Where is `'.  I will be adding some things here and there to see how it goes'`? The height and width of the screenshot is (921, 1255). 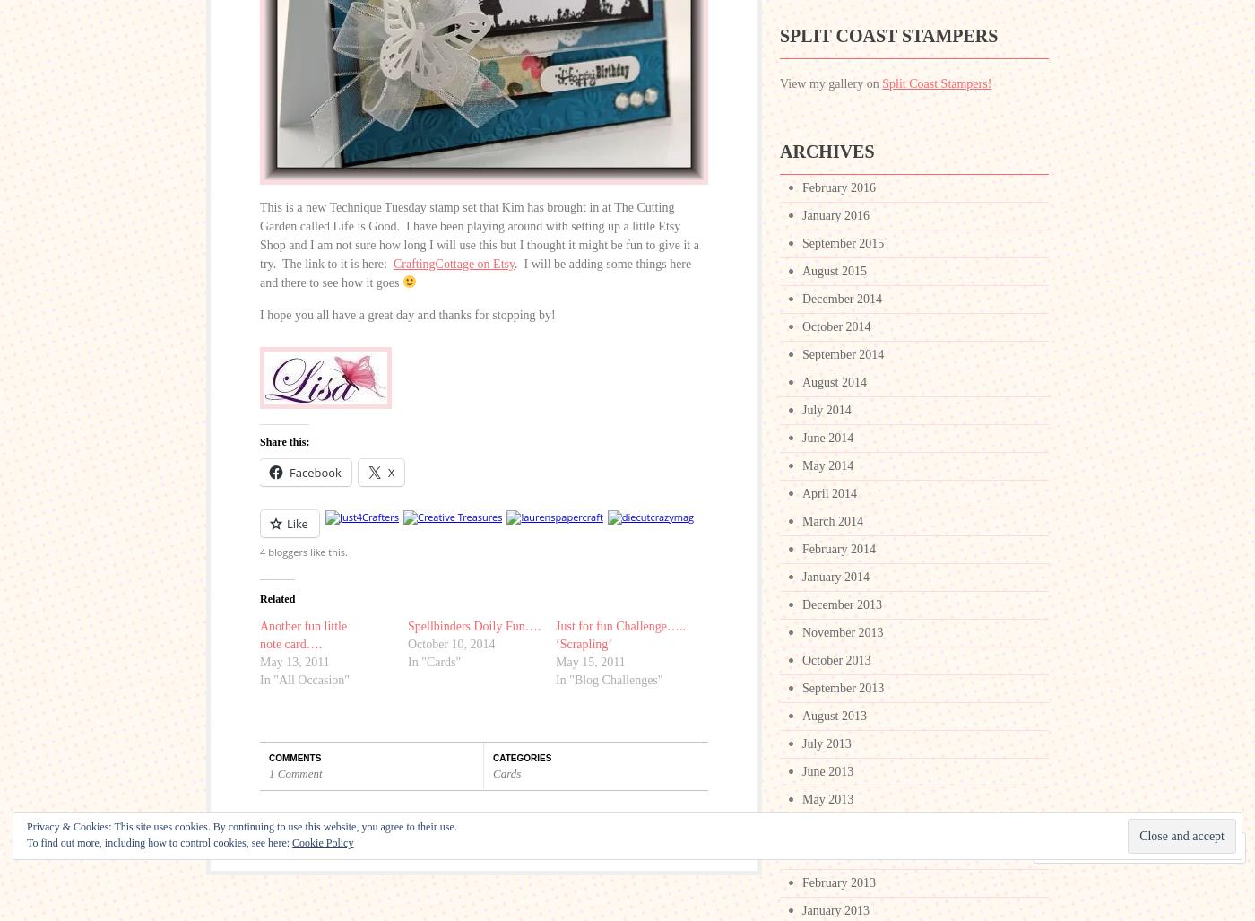
'.  I will be adding some things here and there to see how it goes' is located at coordinates (475, 273).